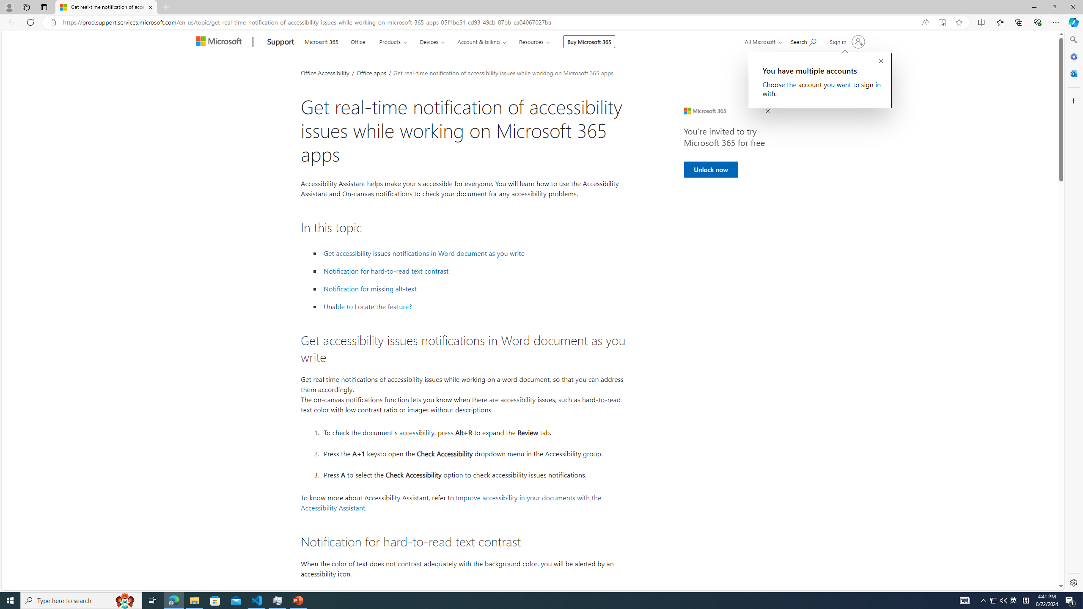 The width and height of the screenshot is (1083, 609). Describe the element at coordinates (220, 42) in the screenshot. I see `'Microsoft'` at that location.